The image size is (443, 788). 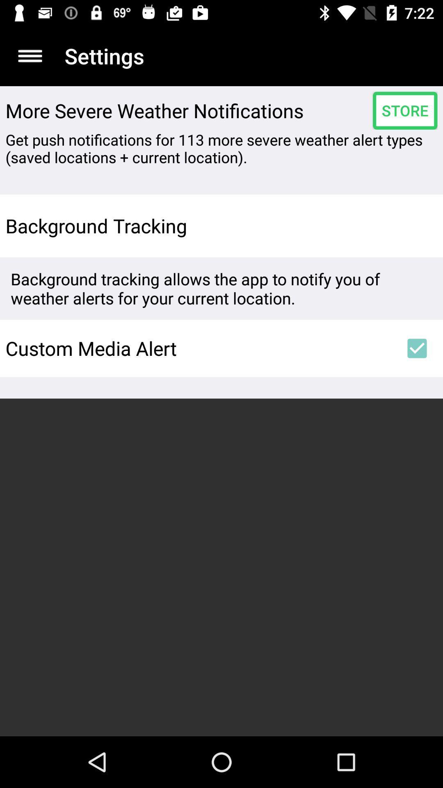 What do you see at coordinates (417, 348) in the screenshot?
I see `icon to the right of the custom media alert item` at bounding box center [417, 348].